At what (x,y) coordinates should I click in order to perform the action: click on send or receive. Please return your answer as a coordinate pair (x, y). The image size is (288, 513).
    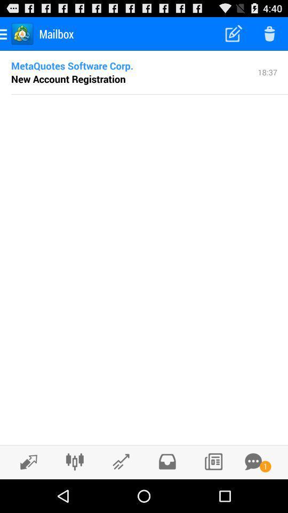
    Looking at the image, I should click on (26, 461).